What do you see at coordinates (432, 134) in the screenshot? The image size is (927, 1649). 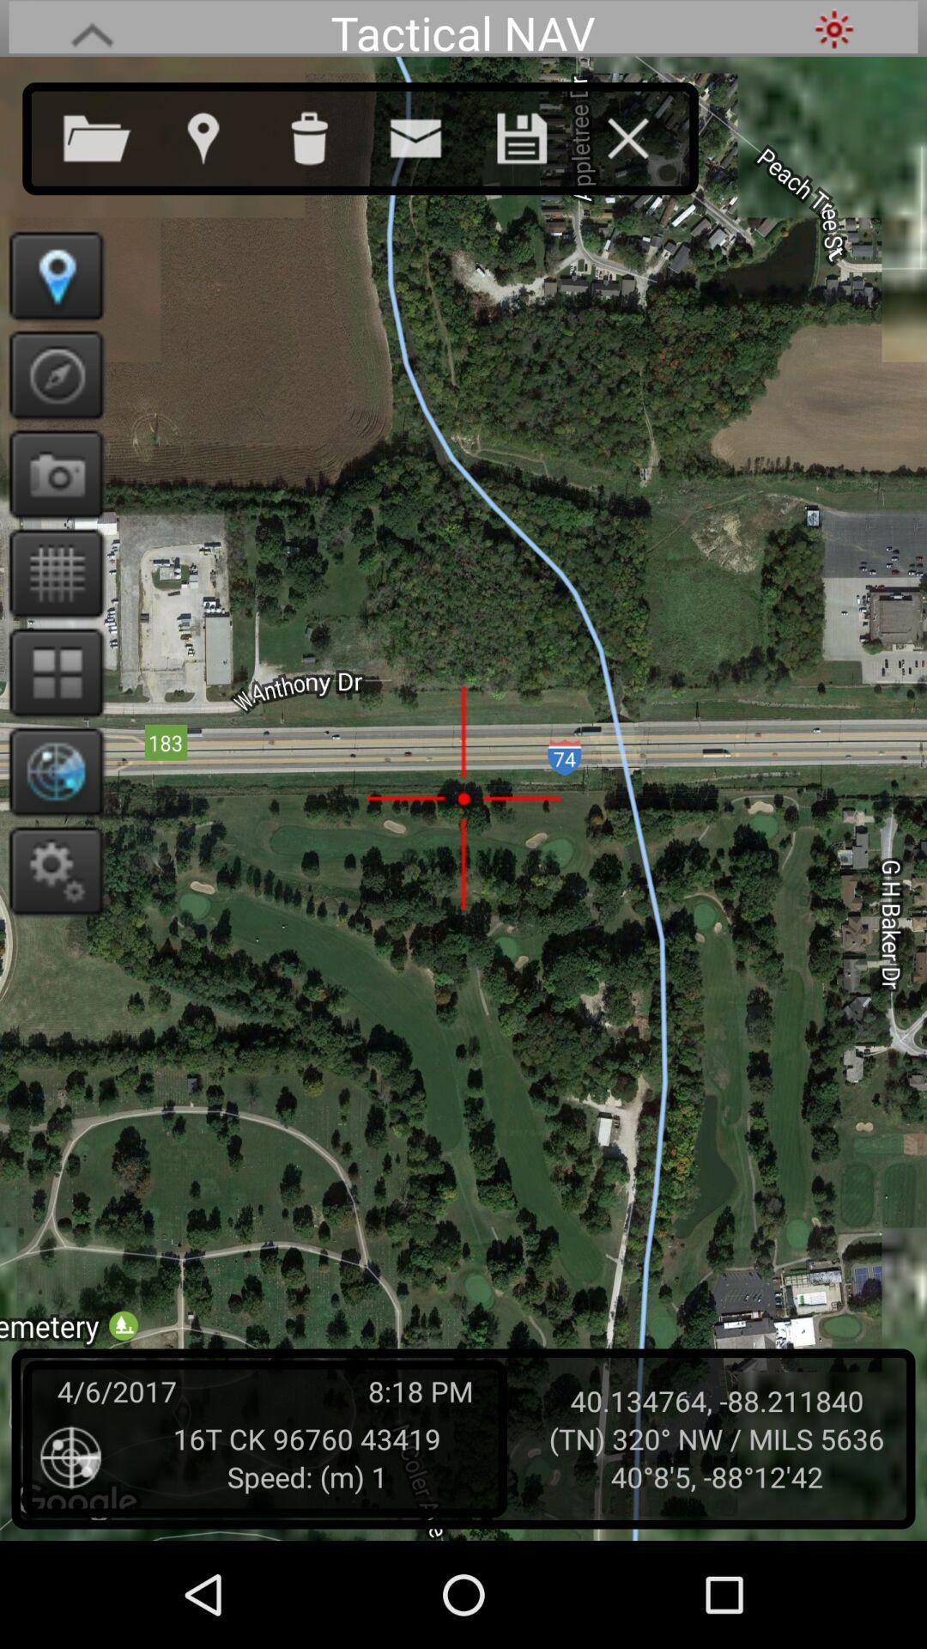 I see `sends via message` at bounding box center [432, 134].